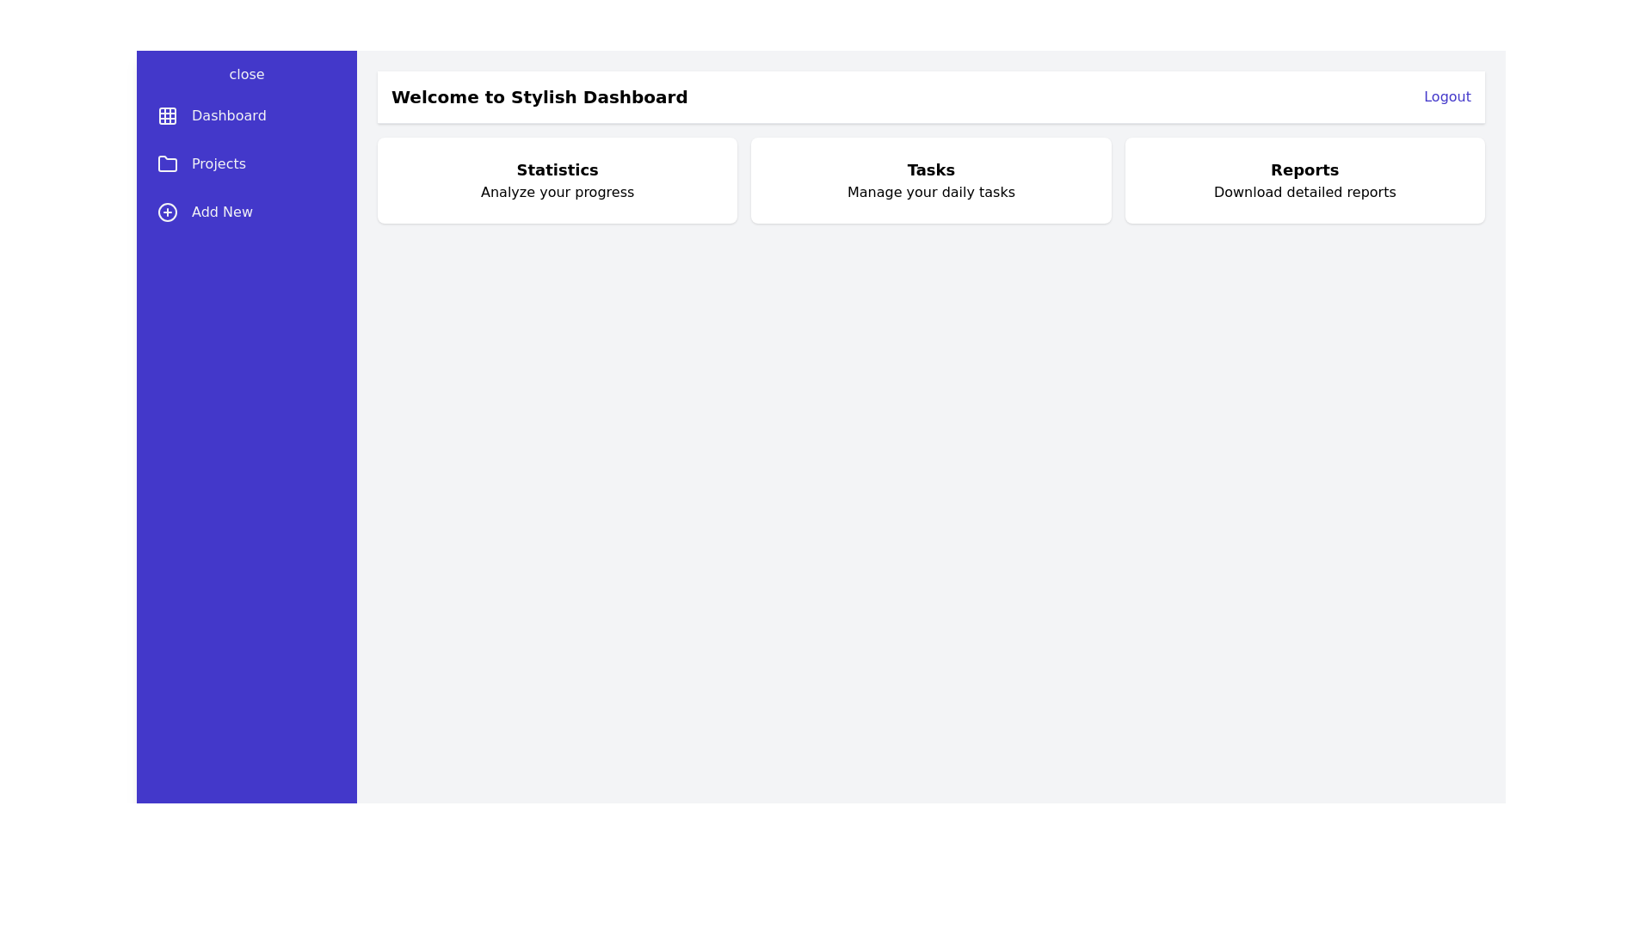  What do you see at coordinates (539, 96) in the screenshot?
I see `the text heading element that serves as a greeting or title for the Stylish Dashboard application, located at the top section of the interface` at bounding box center [539, 96].